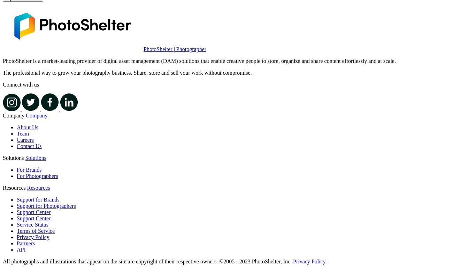 This screenshot has height=270, width=476. Describe the element at coordinates (325, 261) in the screenshot. I see `'.'` at that location.